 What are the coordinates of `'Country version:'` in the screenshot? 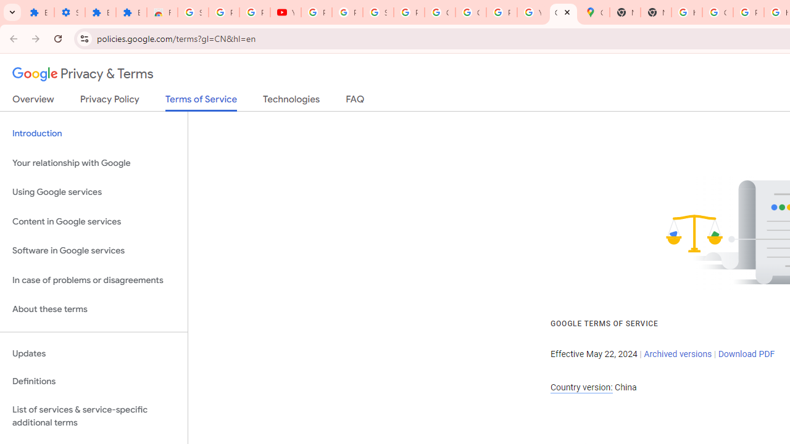 It's located at (581, 387).